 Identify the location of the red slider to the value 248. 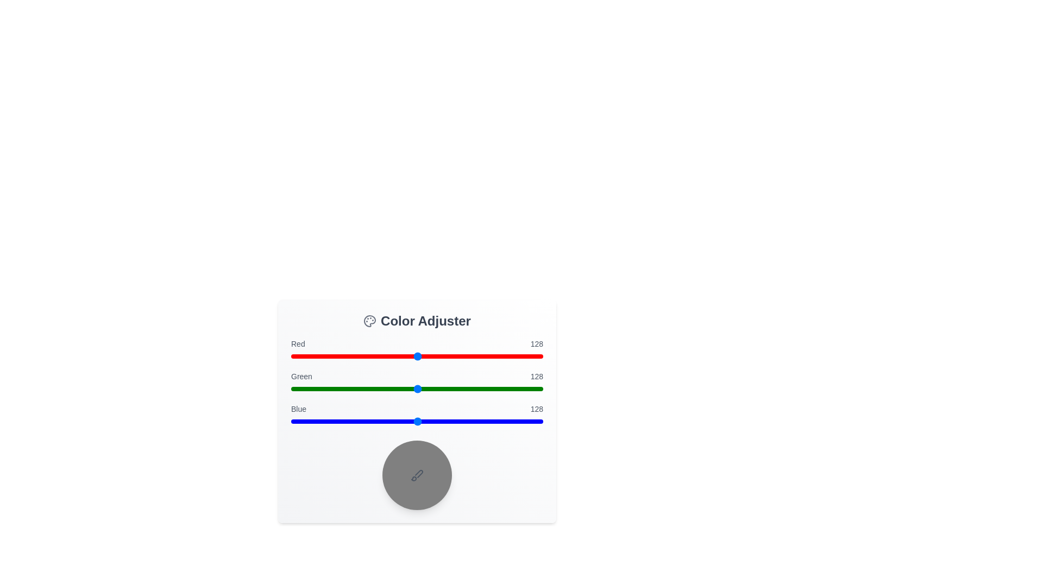
(536, 356).